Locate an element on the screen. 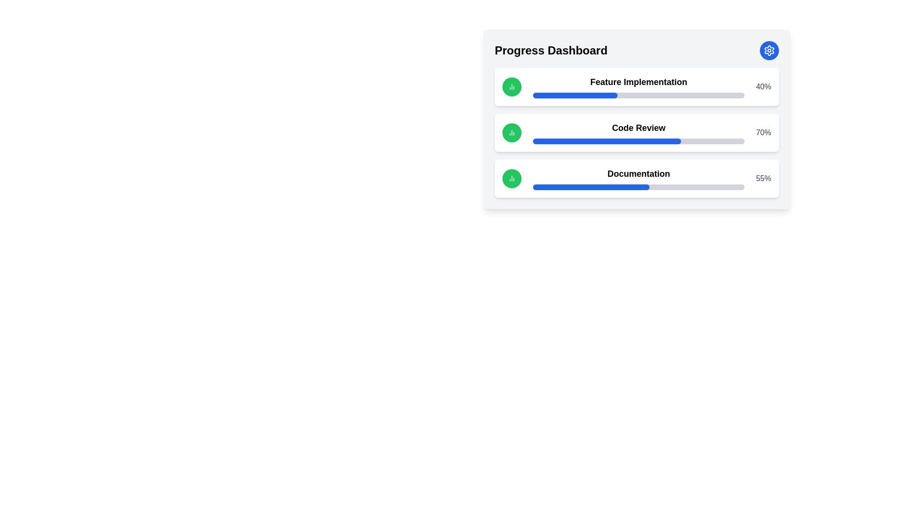 This screenshot has height=516, width=917. the second horizontal progress bar in the 'Code Review' section, which has a gray background and a blue filled section covering 70% of its width is located at coordinates (639, 141).